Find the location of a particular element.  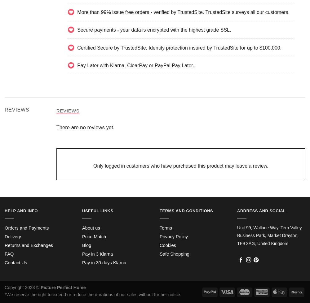

'About us' is located at coordinates (91, 227).